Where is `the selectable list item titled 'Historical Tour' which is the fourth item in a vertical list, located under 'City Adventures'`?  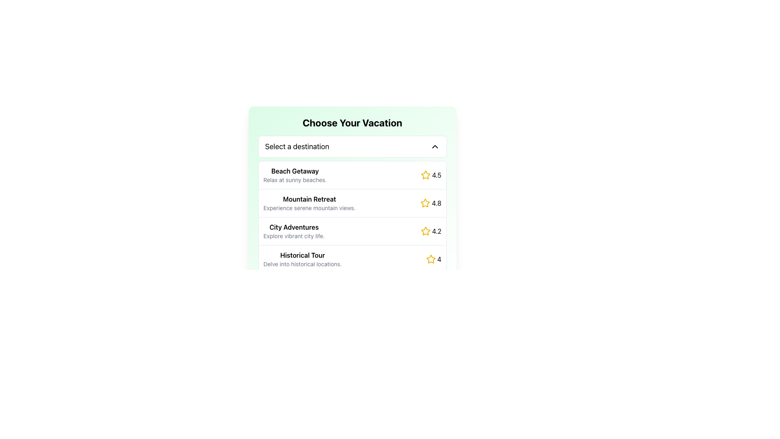 the selectable list item titled 'Historical Tour' which is the fourth item in a vertical list, located under 'City Adventures' is located at coordinates (302, 259).